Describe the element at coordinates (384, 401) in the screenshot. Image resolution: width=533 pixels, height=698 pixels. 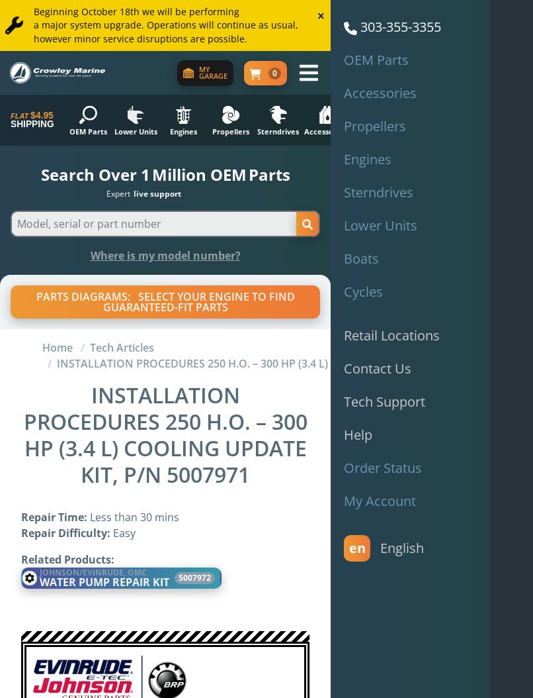
I see `'Tech Support'` at that location.